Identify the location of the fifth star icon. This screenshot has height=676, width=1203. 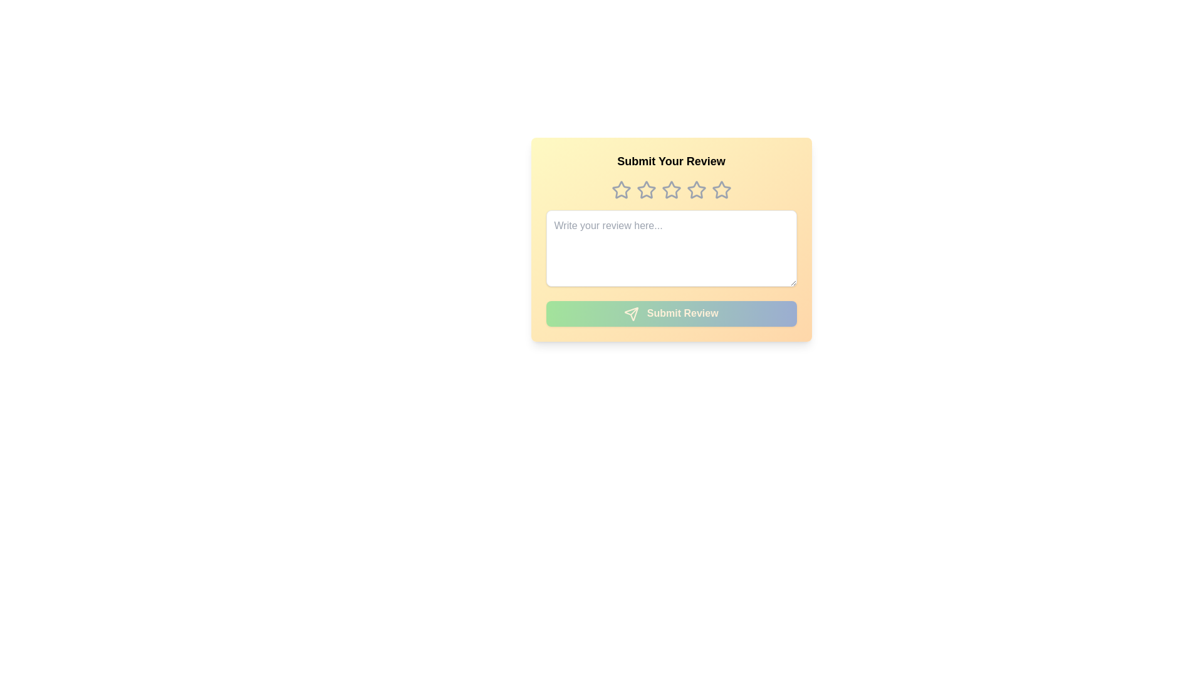
(721, 190).